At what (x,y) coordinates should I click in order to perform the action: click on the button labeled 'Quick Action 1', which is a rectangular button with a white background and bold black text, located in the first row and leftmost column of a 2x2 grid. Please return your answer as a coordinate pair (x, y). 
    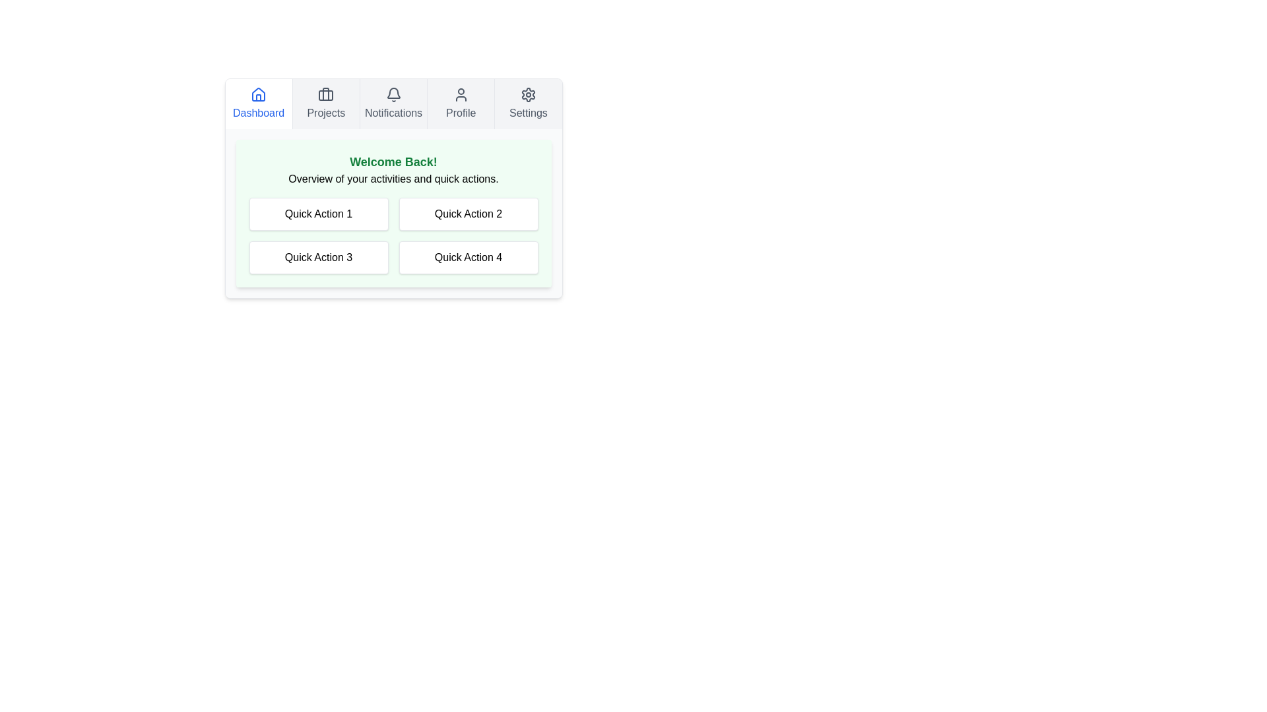
    Looking at the image, I should click on (319, 213).